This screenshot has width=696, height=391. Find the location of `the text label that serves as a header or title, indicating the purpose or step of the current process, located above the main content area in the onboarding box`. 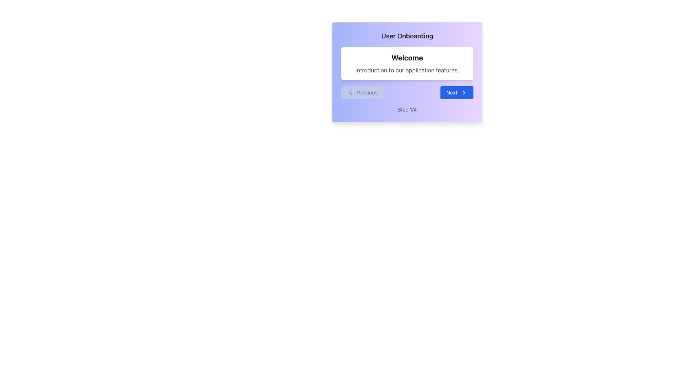

the text label that serves as a header or title, indicating the purpose or step of the current process, located above the main content area in the onboarding box is located at coordinates (407, 36).